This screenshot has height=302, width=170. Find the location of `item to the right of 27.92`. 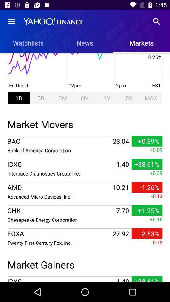

item to the right of 27.92 is located at coordinates (147, 233).